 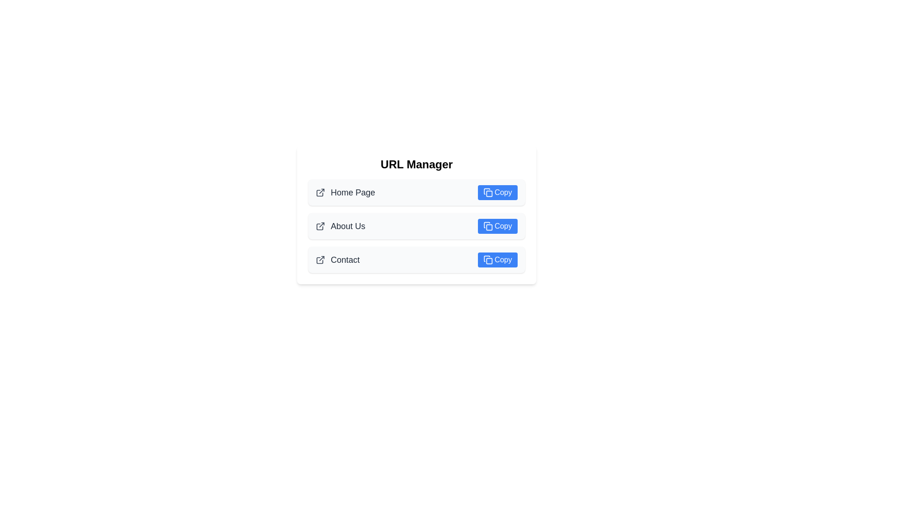 What do you see at coordinates (486, 259) in the screenshot?
I see `the icon representing a document or clipboard within the blue 'Copy' button located to the right of the 'Contact' text in the URL Manager interface` at bounding box center [486, 259].